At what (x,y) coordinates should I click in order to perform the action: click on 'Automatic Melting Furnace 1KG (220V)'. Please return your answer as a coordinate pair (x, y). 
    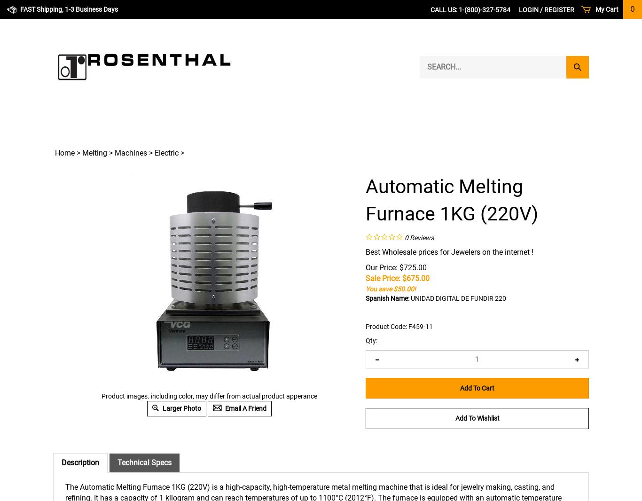
    Looking at the image, I should click on (452, 200).